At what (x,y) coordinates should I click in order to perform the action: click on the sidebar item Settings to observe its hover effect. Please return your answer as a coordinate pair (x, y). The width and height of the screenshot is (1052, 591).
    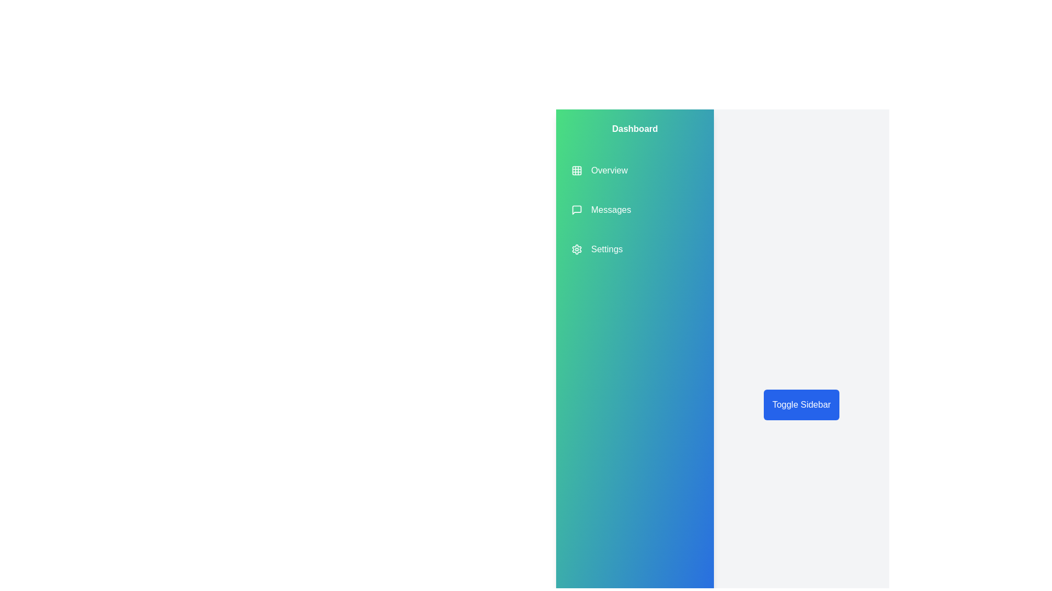
    Looking at the image, I should click on (596, 249).